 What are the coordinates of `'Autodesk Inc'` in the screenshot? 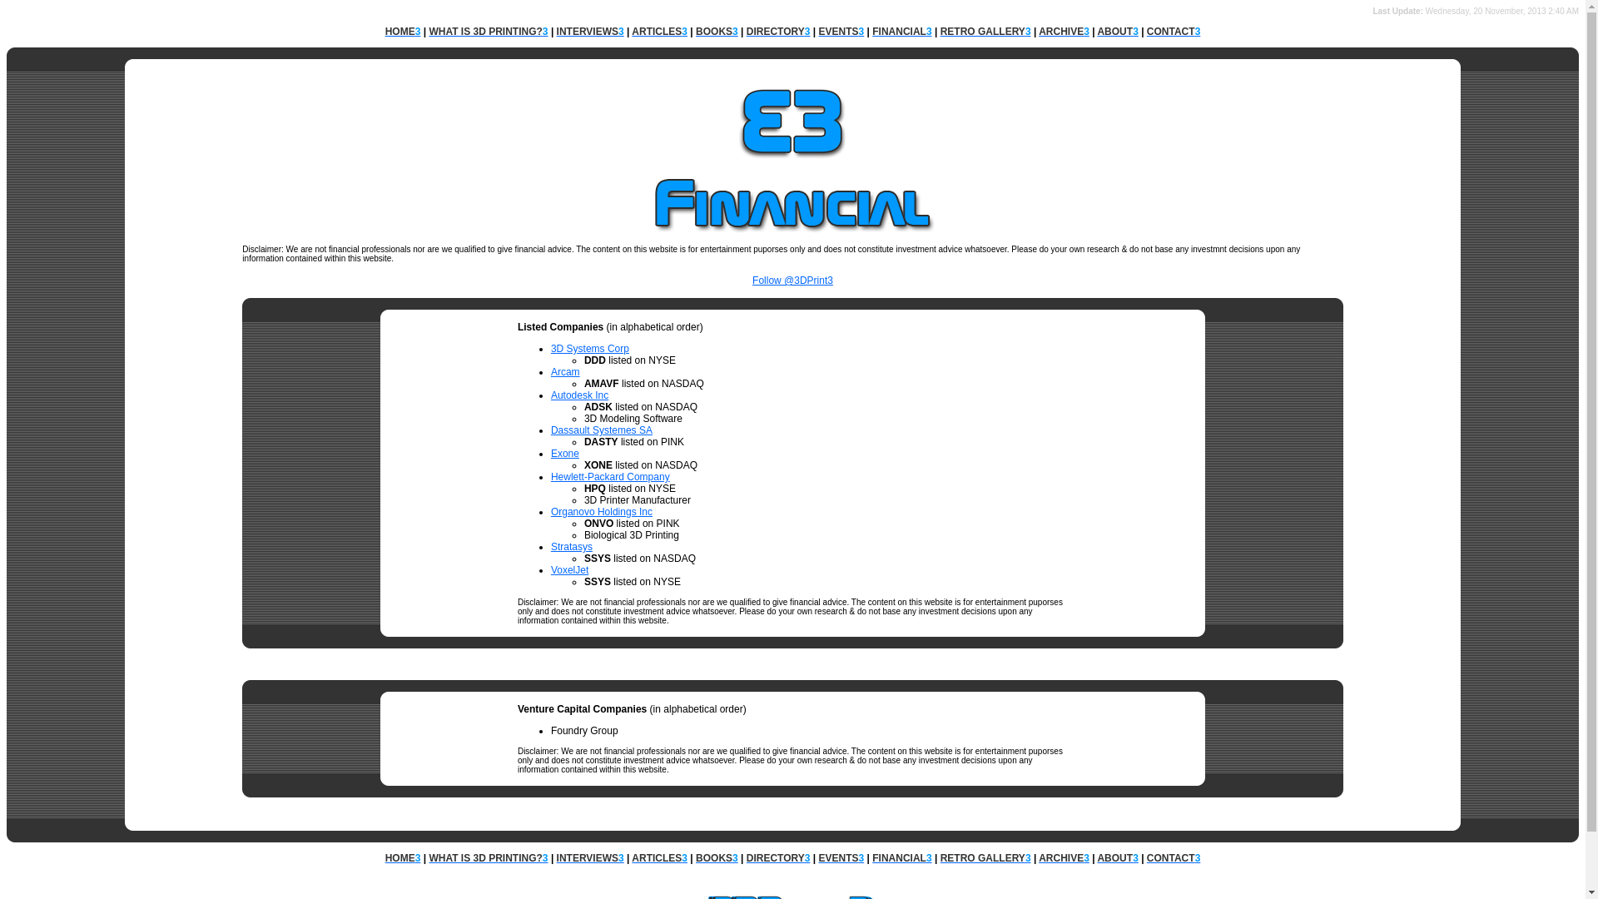 It's located at (579, 395).